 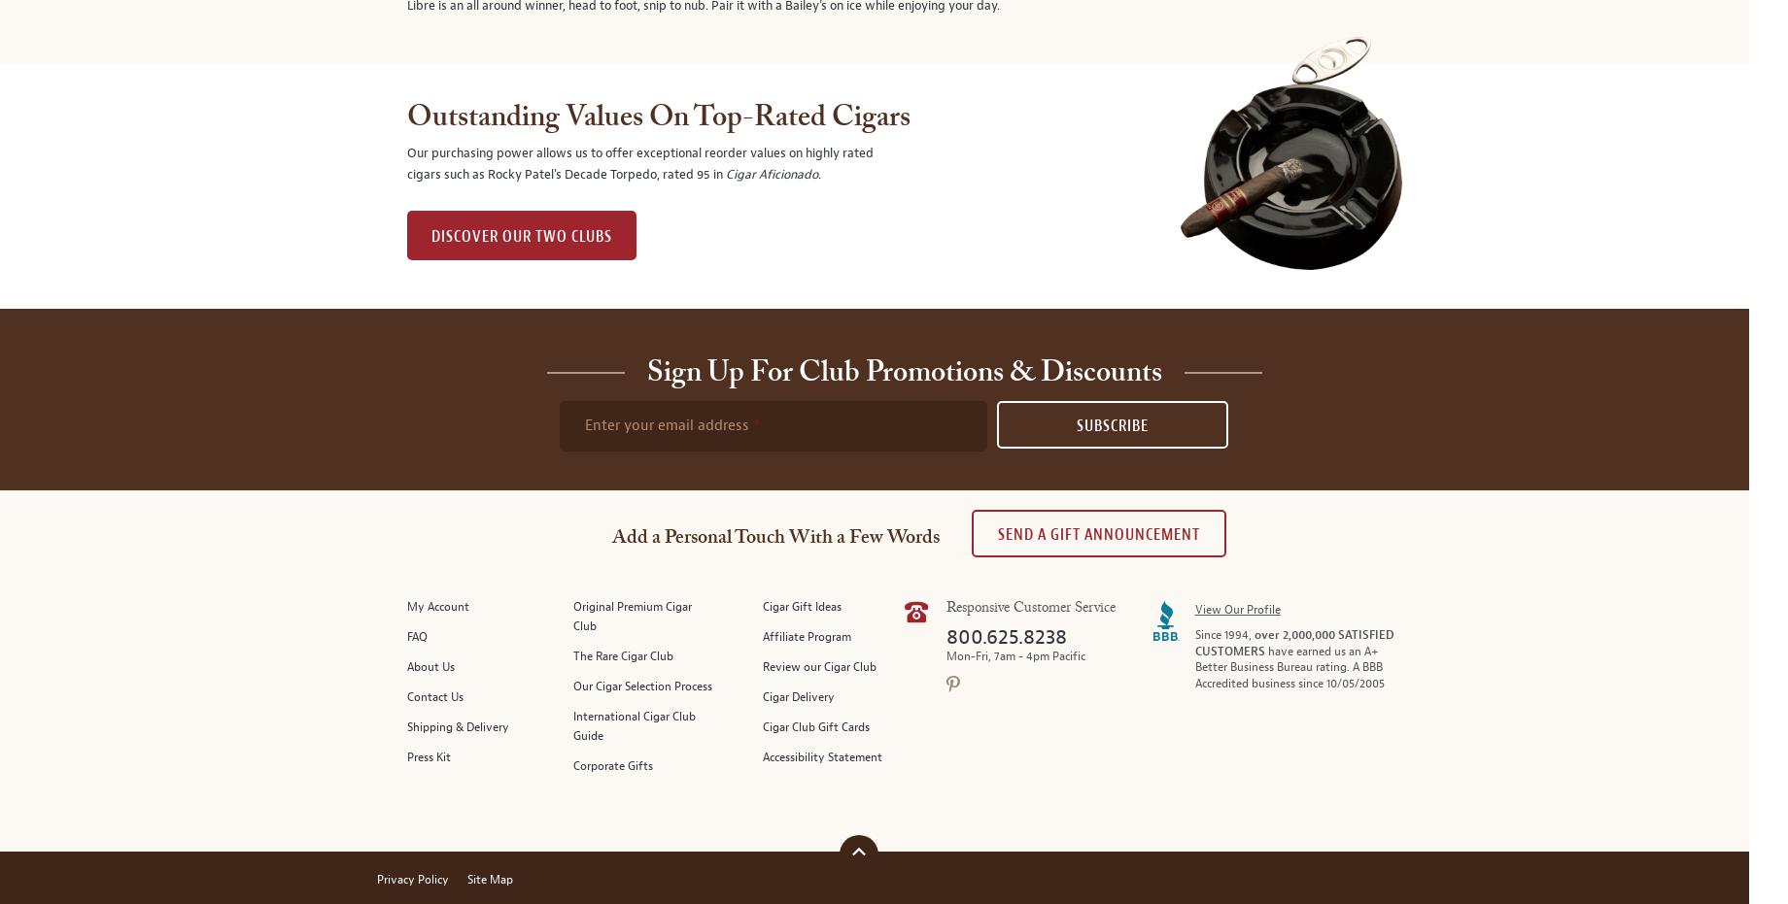 What do you see at coordinates (434, 696) in the screenshot?
I see `'Contact Us'` at bounding box center [434, 696].